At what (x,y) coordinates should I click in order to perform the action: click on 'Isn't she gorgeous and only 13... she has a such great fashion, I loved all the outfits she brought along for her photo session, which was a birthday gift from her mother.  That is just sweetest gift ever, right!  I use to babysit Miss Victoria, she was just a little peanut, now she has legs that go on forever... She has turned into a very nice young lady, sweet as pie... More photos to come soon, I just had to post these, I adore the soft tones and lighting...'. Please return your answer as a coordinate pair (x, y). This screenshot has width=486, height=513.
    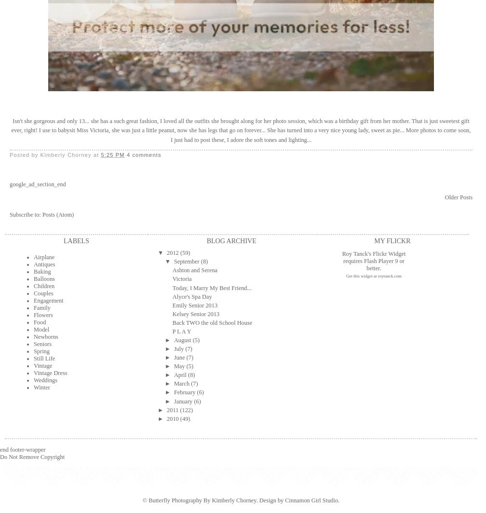
    Looking at the image, I should click on (11, 130).